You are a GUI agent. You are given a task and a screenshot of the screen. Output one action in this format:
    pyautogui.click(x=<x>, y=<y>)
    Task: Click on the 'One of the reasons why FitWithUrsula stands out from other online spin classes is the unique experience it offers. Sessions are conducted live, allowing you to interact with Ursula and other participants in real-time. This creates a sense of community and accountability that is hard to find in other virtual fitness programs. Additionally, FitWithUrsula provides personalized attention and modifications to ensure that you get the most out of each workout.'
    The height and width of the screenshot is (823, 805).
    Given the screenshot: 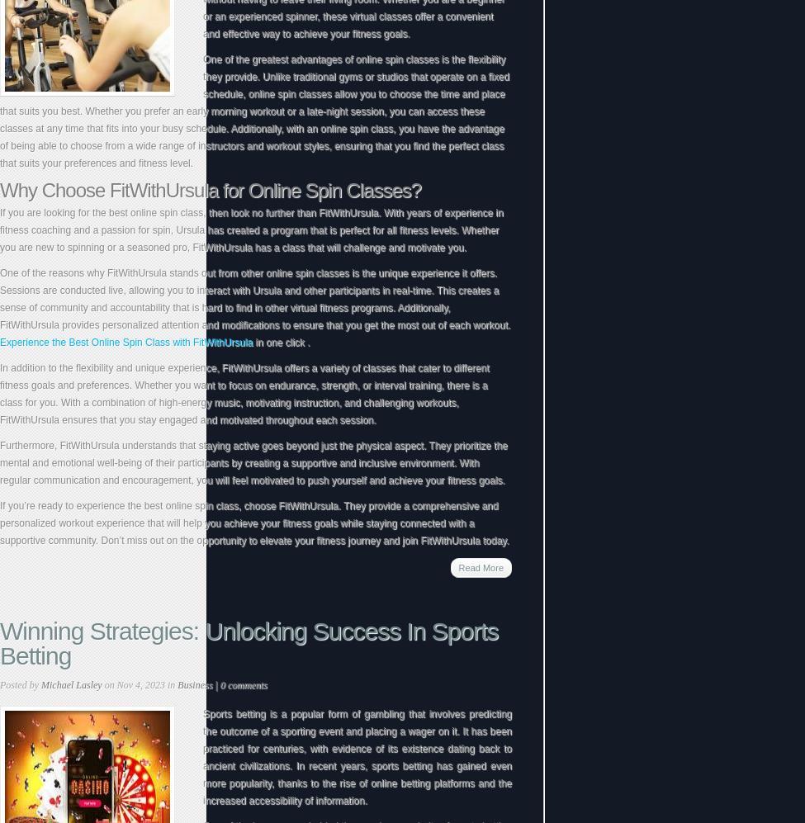 What is the action you would take?
    pyautogui.click(x=253, y=298)
    